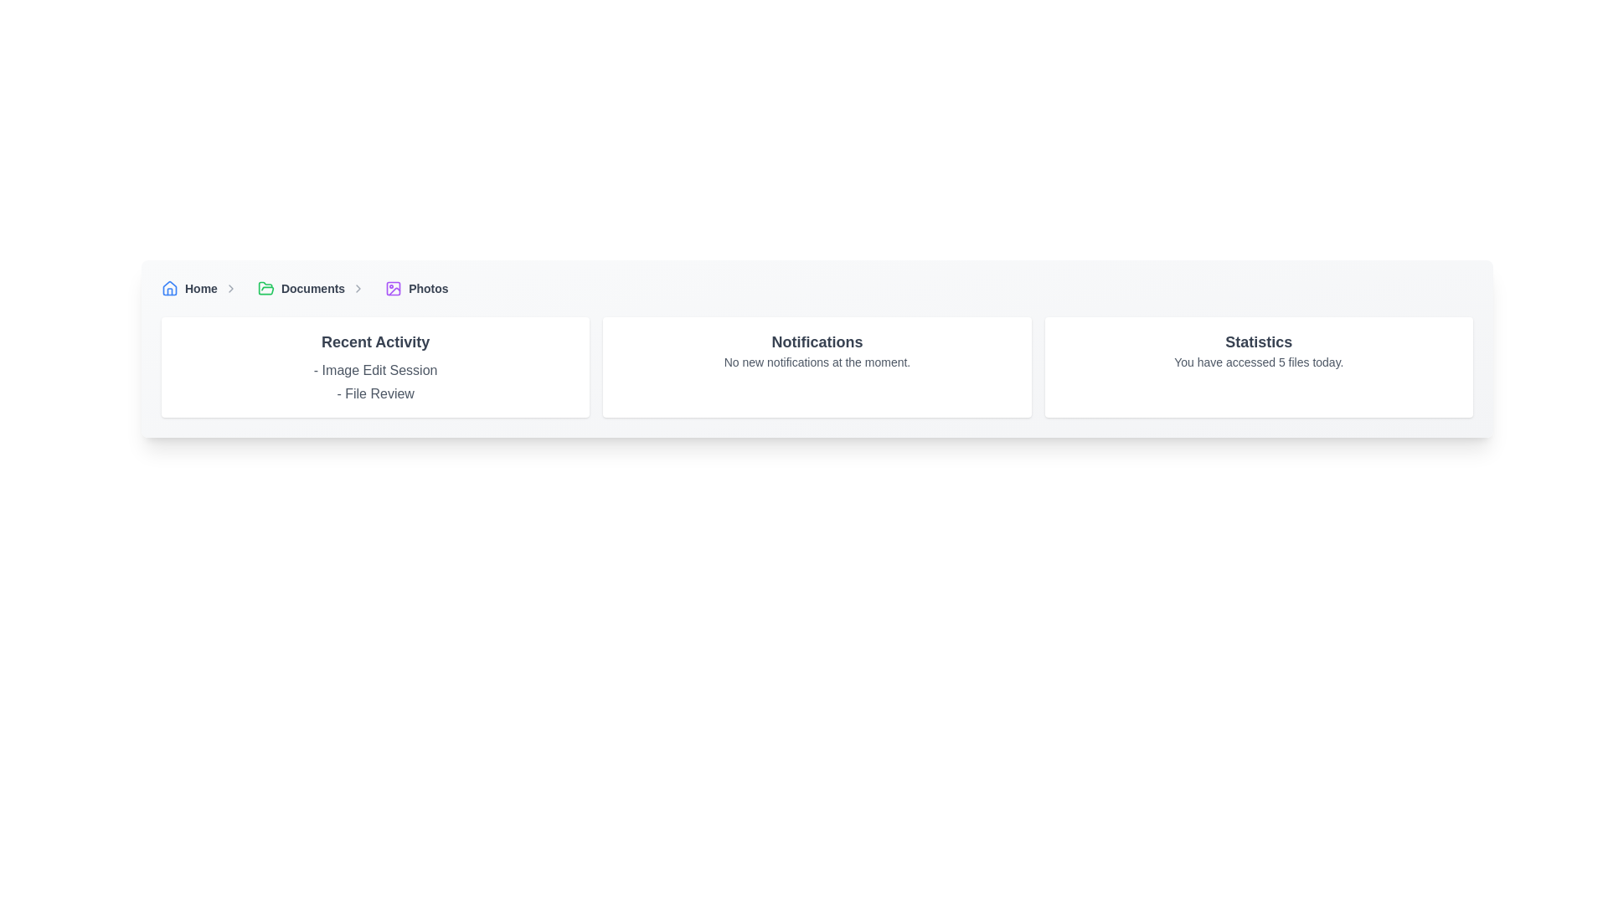  I want to click on the 'Statistics' text label, which is a bold font style located at the top of a white card, positioned above the text 'You have accessed 5 files today.', so click(1259, 341).